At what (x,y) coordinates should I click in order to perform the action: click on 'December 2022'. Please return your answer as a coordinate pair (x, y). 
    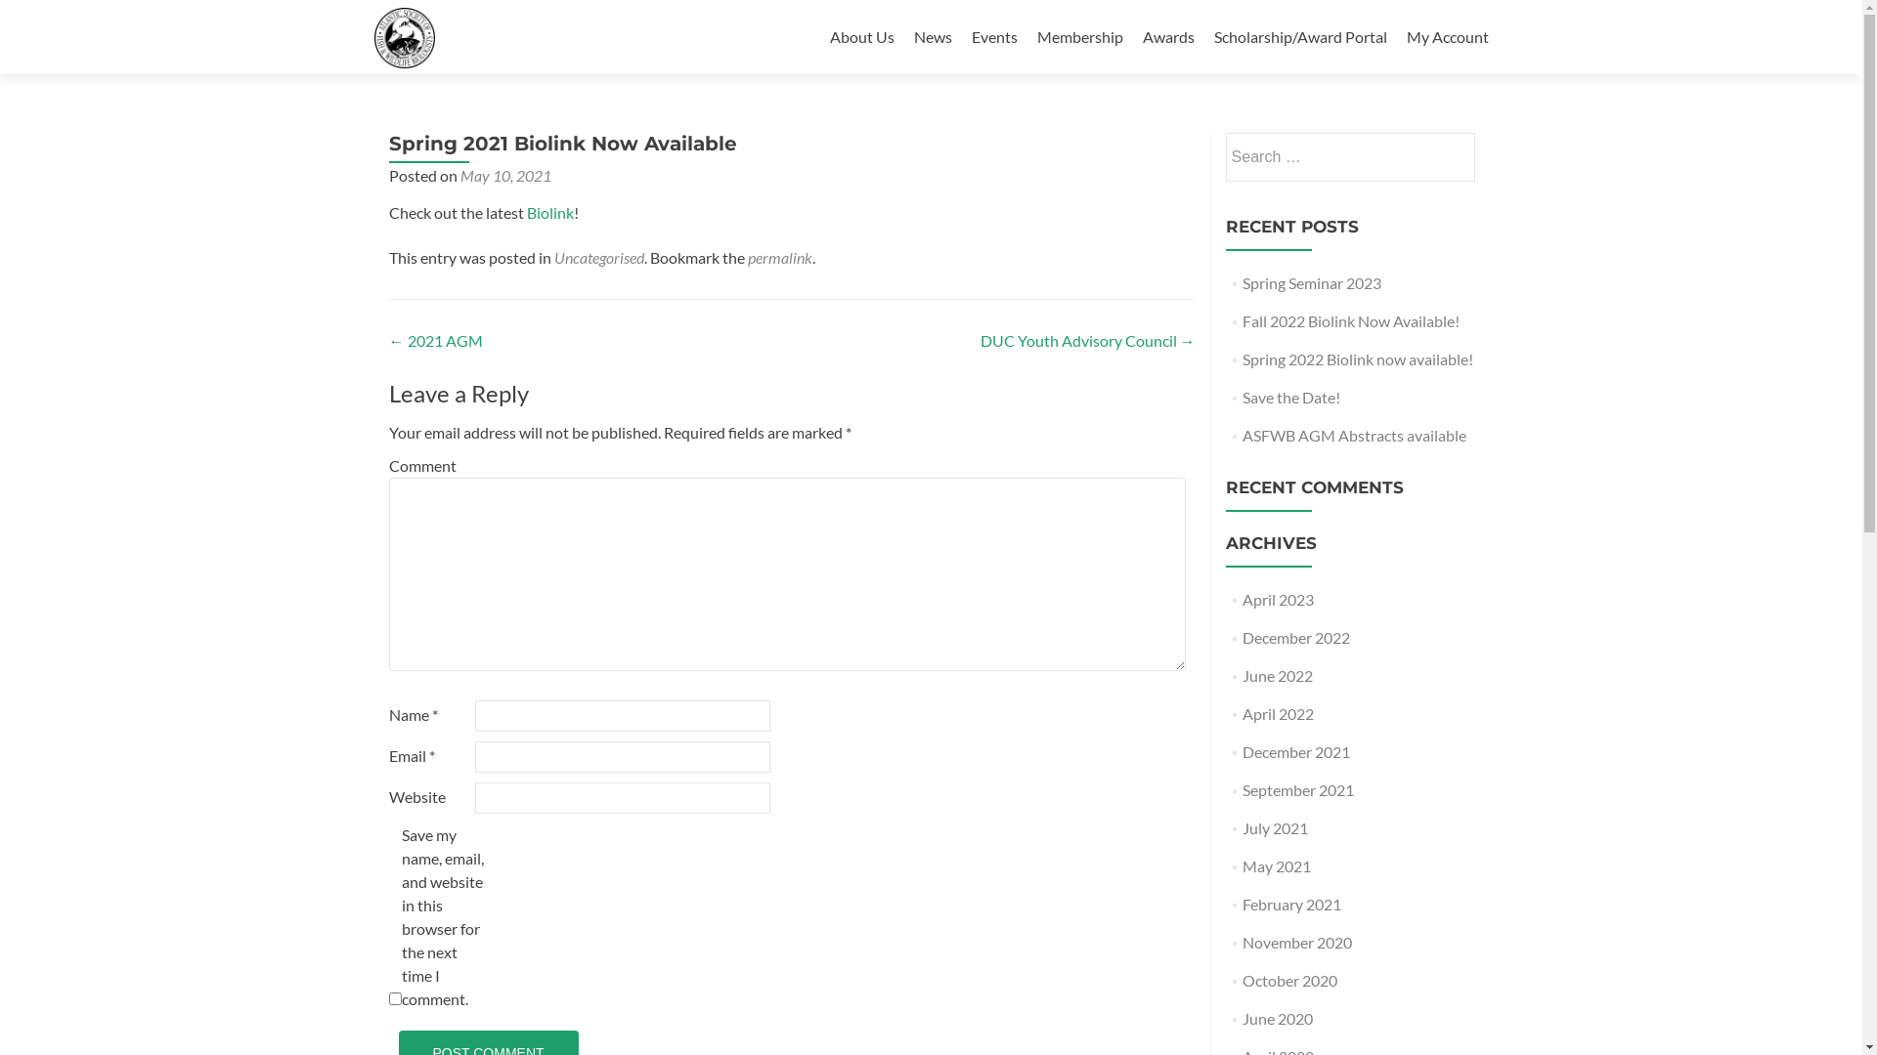
    Looking at the image, I should click on (1295, 637).